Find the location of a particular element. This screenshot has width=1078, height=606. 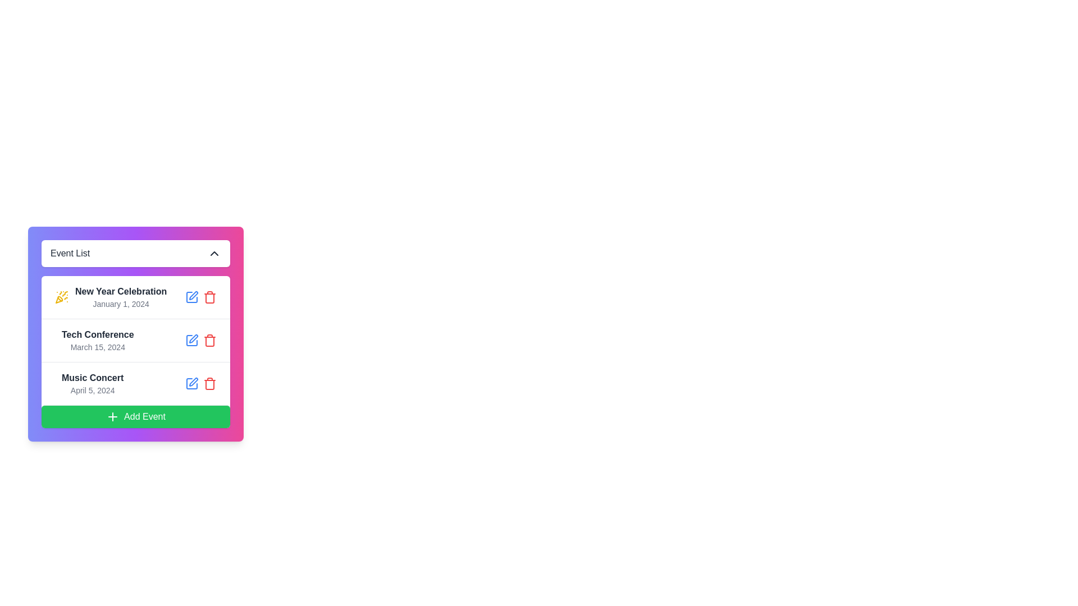

the button that adds a new event to the list located at the bottom of the 'Event List' panel by moving the cursor to its center is located at coordinates (135, 416).